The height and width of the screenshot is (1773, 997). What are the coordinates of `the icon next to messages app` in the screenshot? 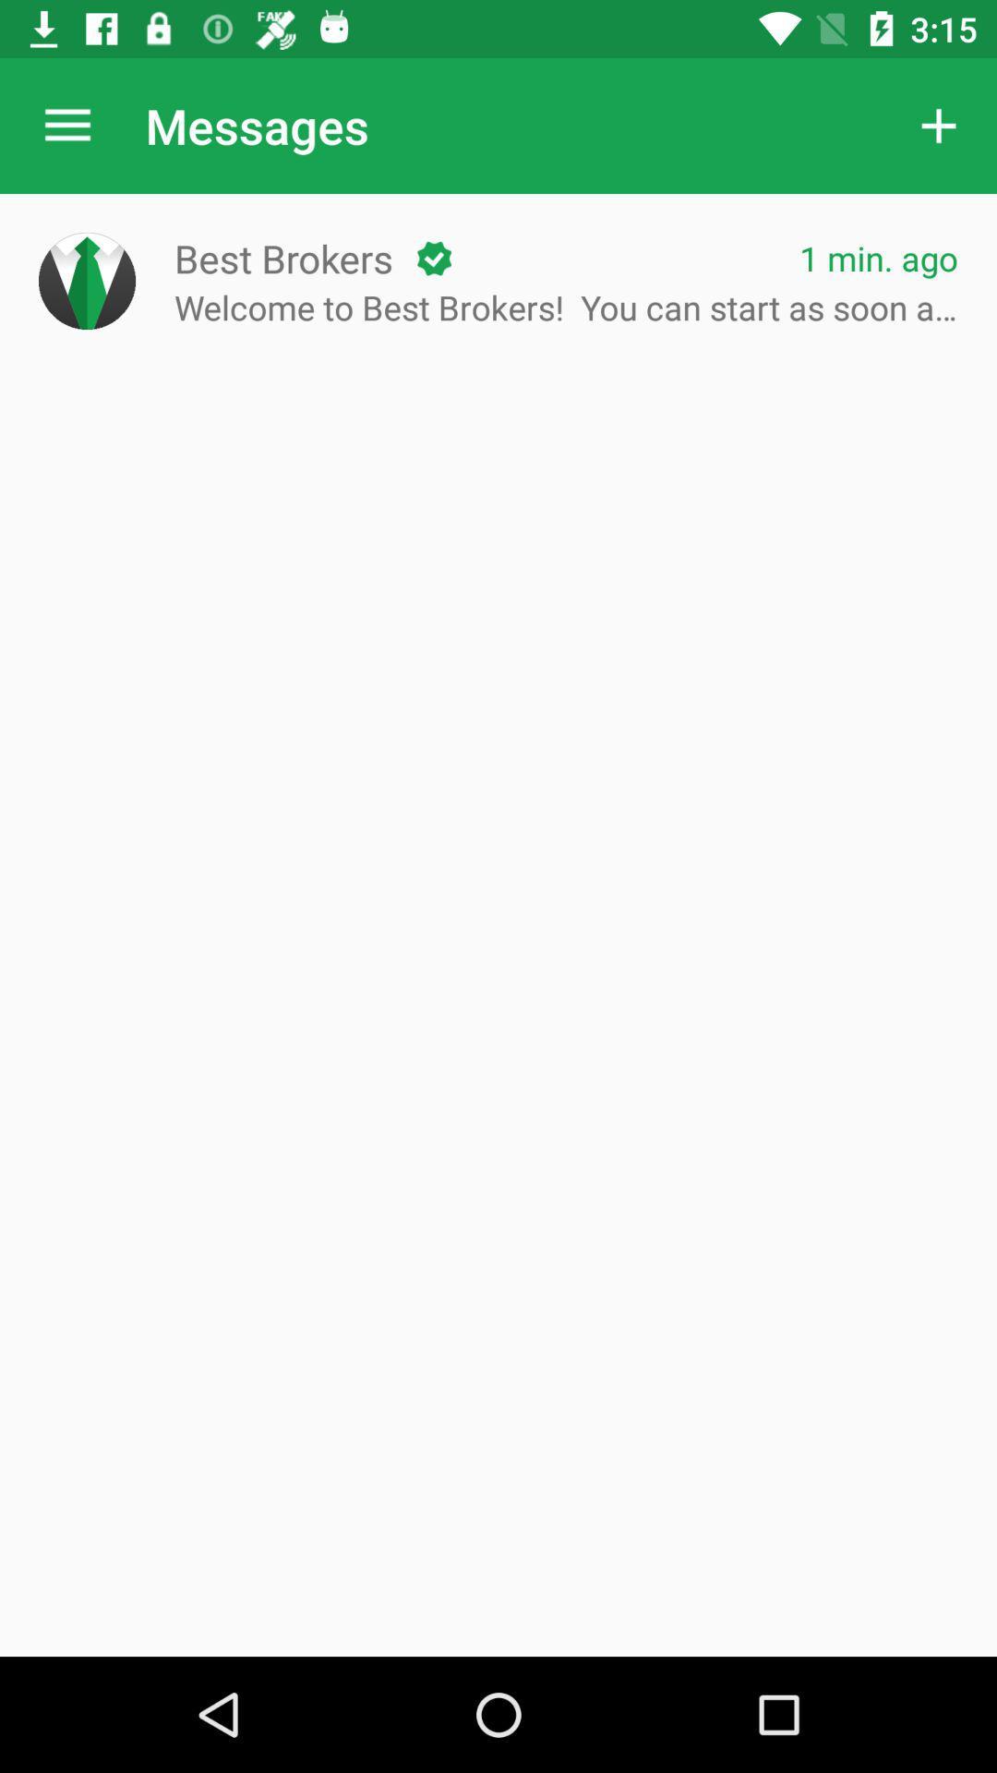 It's located at (66, 125).